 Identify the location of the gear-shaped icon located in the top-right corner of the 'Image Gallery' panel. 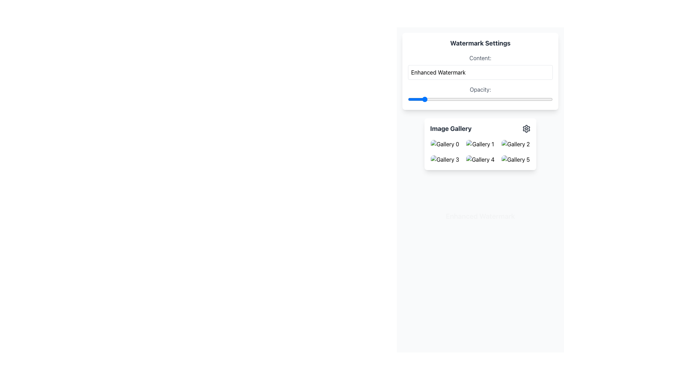
(526, 128).